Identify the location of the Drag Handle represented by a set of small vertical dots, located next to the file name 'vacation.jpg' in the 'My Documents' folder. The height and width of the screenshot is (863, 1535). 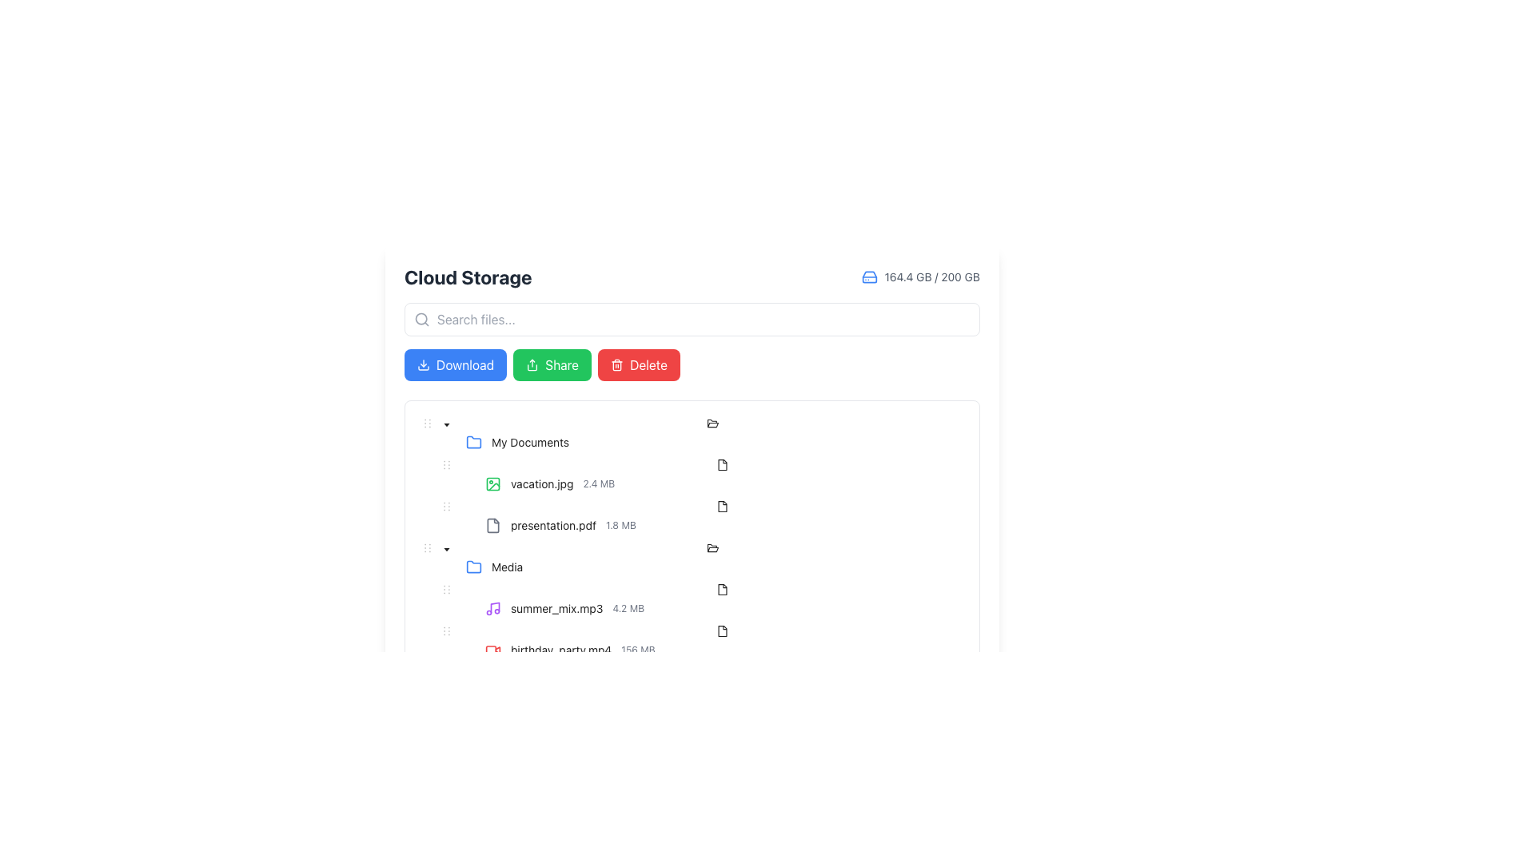
(446, 465).